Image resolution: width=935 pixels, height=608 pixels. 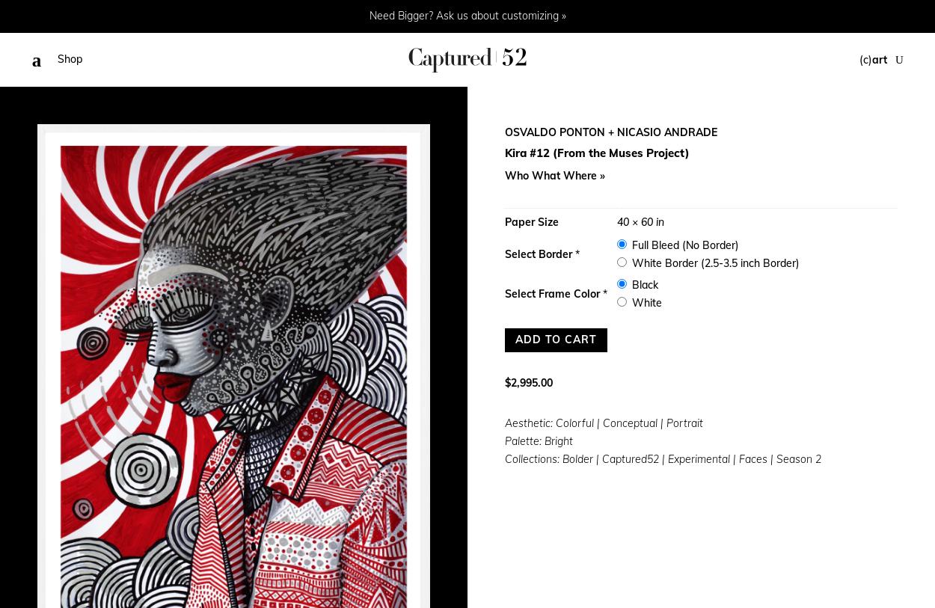 What do you see at coordinates (645, 302) in the screenshot?
I see `'White'` at bounding box center [645, 302].